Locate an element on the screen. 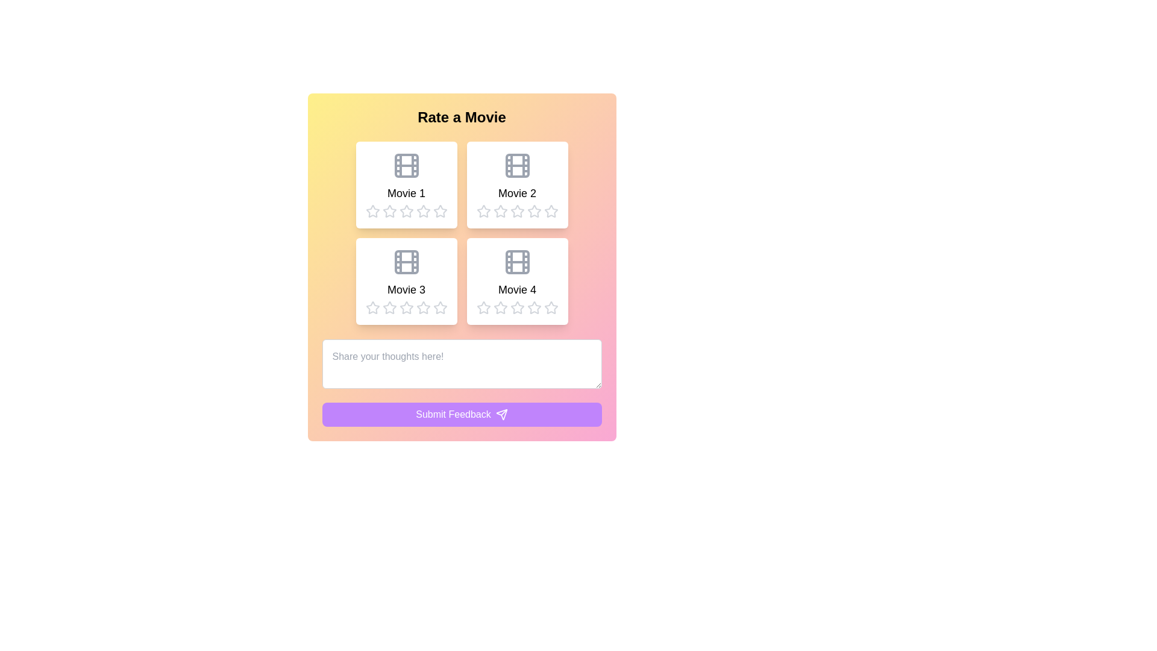  the icon representing the movie titled 'Movie 3', which serves as a visual representation of the film is located at coordinates (406, 262).